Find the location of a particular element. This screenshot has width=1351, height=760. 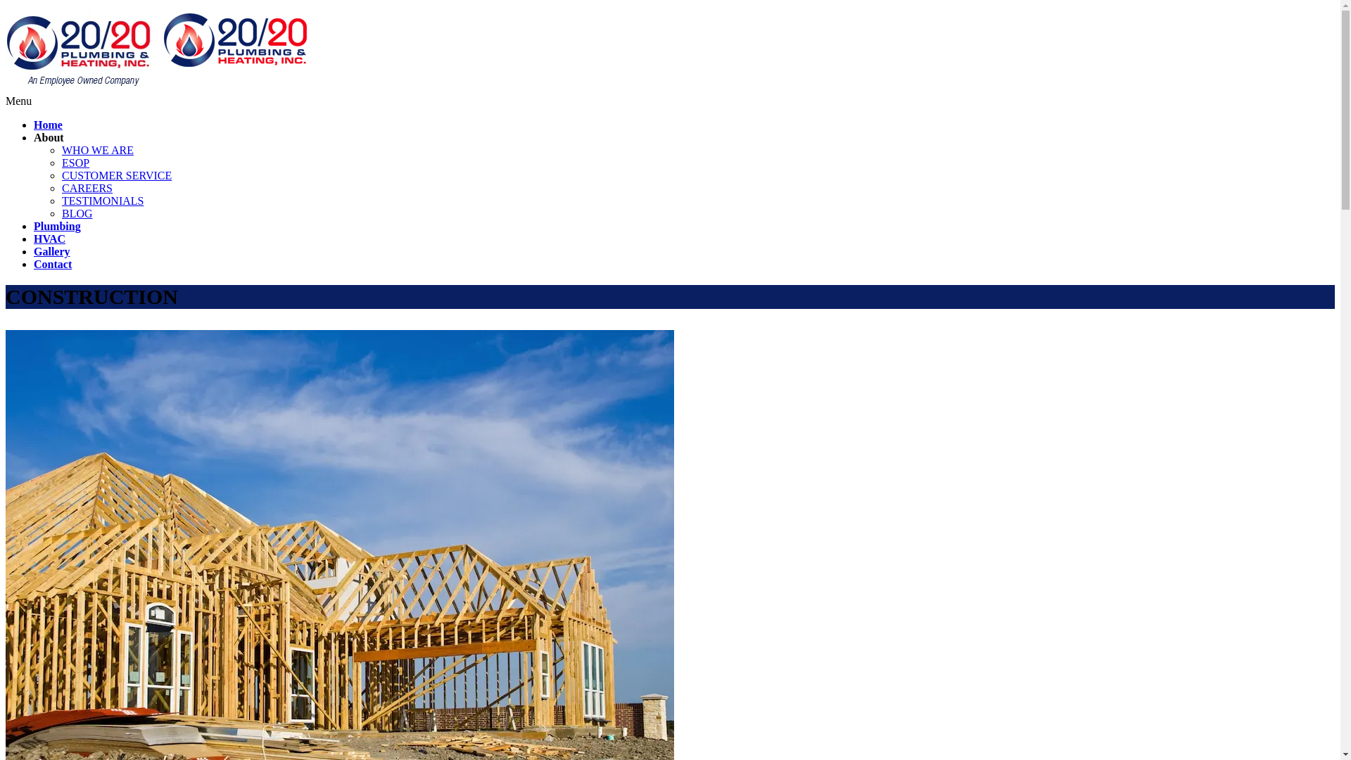

'WHO WE ARE' is located at coordinates (97, 150).